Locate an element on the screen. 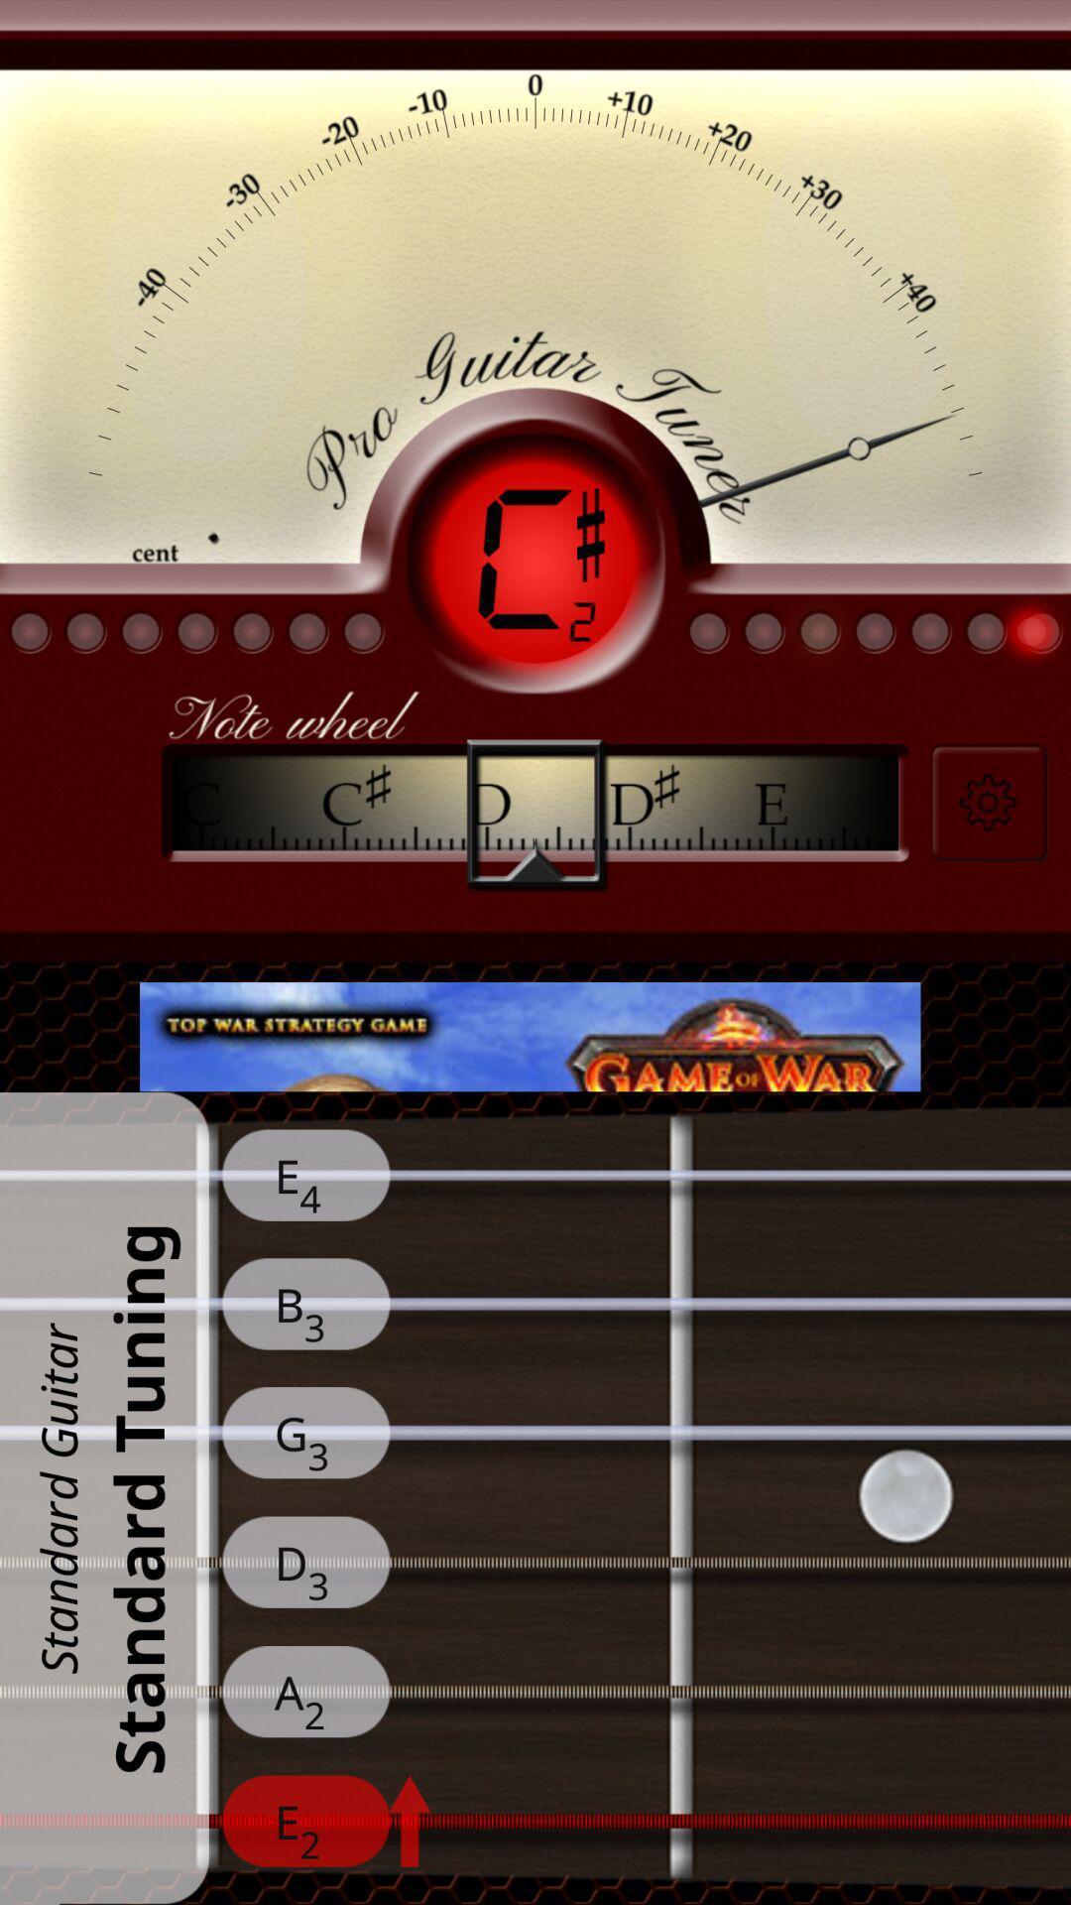  the cirlce which is second right to c2 is located at coordinates (763, 631).